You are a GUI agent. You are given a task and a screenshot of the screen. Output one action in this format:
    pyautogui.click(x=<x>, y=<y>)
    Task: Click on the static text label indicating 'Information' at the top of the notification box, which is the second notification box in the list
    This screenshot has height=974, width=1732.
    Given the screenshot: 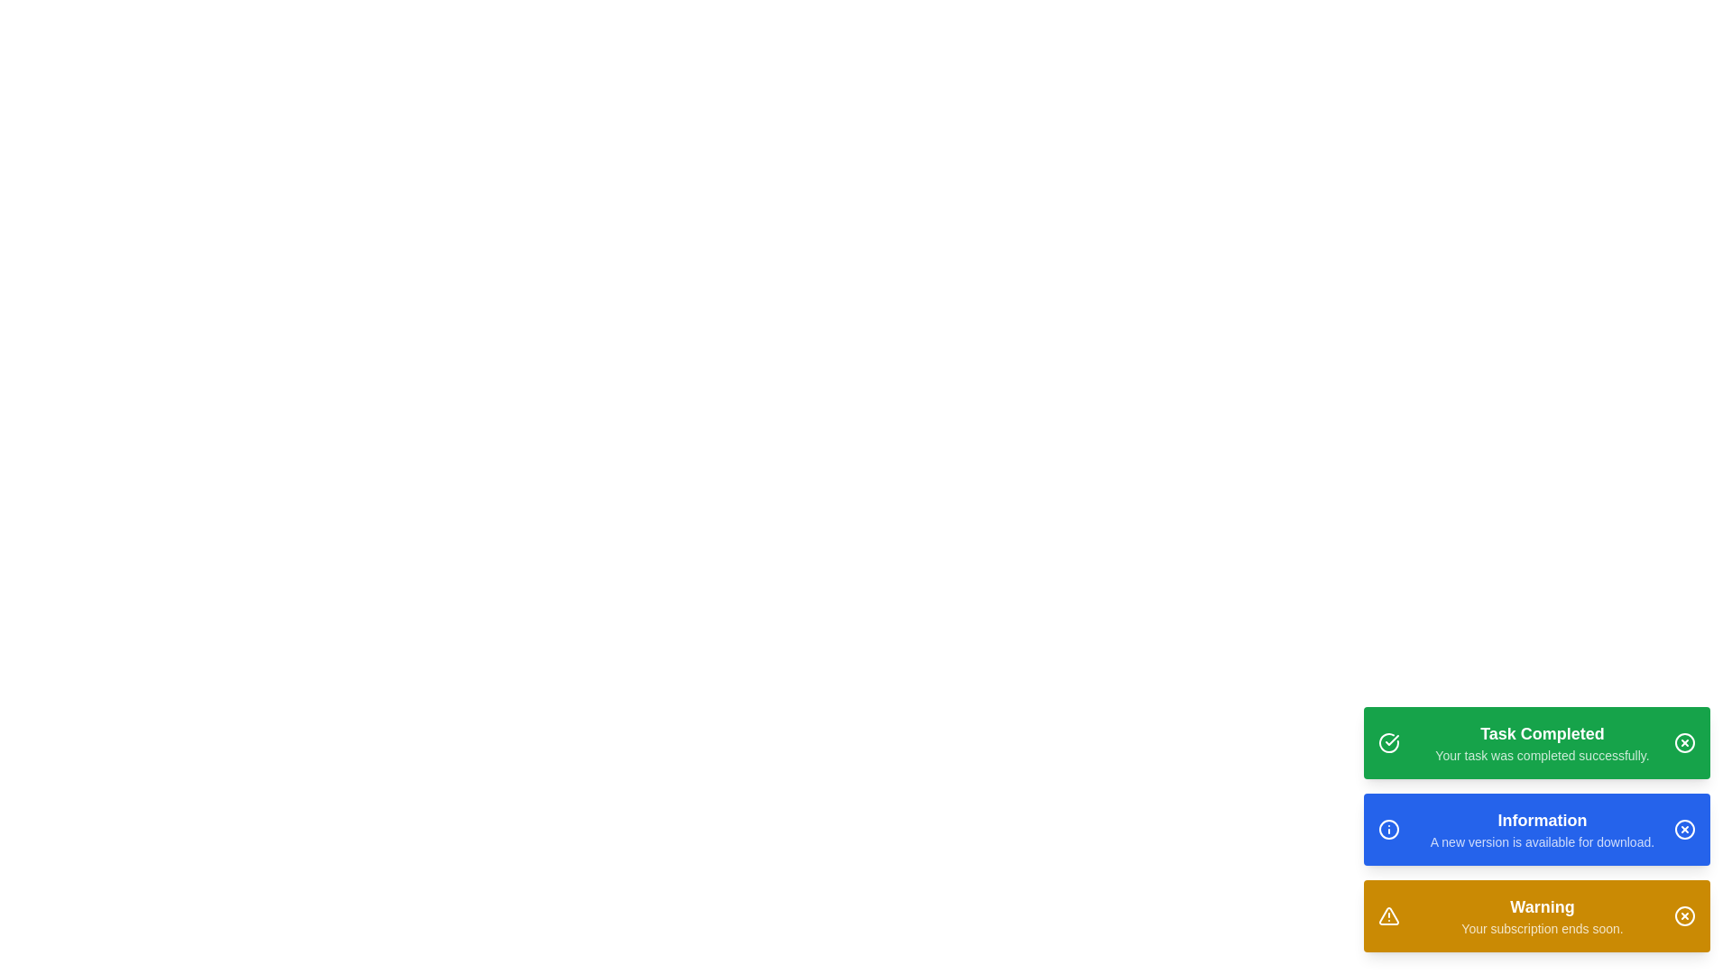 What is the action you would take?
    pyautogui.click(x=1541, y=821)
    